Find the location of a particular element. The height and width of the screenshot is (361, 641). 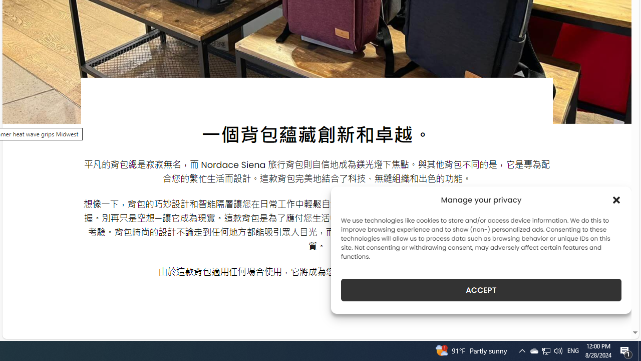

'Class: cmplz-close' is located at coordinates (616, 200).